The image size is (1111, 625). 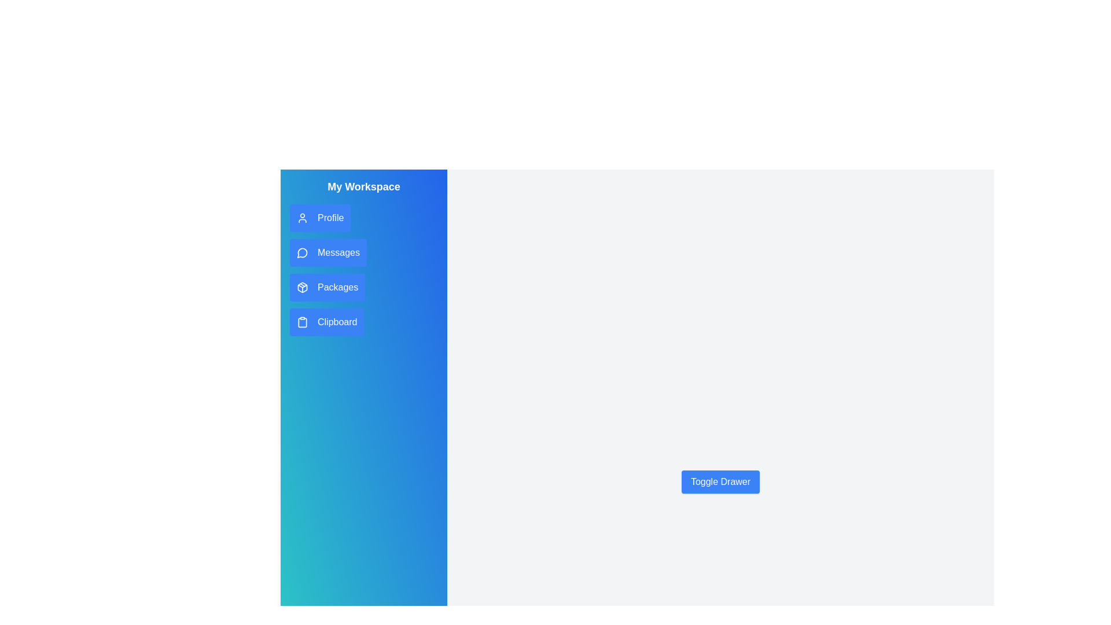 What do you see at coordinates (319, 218) in the screenshot?
I see `the 'Profile' button in the drawer` at bounding box center [319, 218].